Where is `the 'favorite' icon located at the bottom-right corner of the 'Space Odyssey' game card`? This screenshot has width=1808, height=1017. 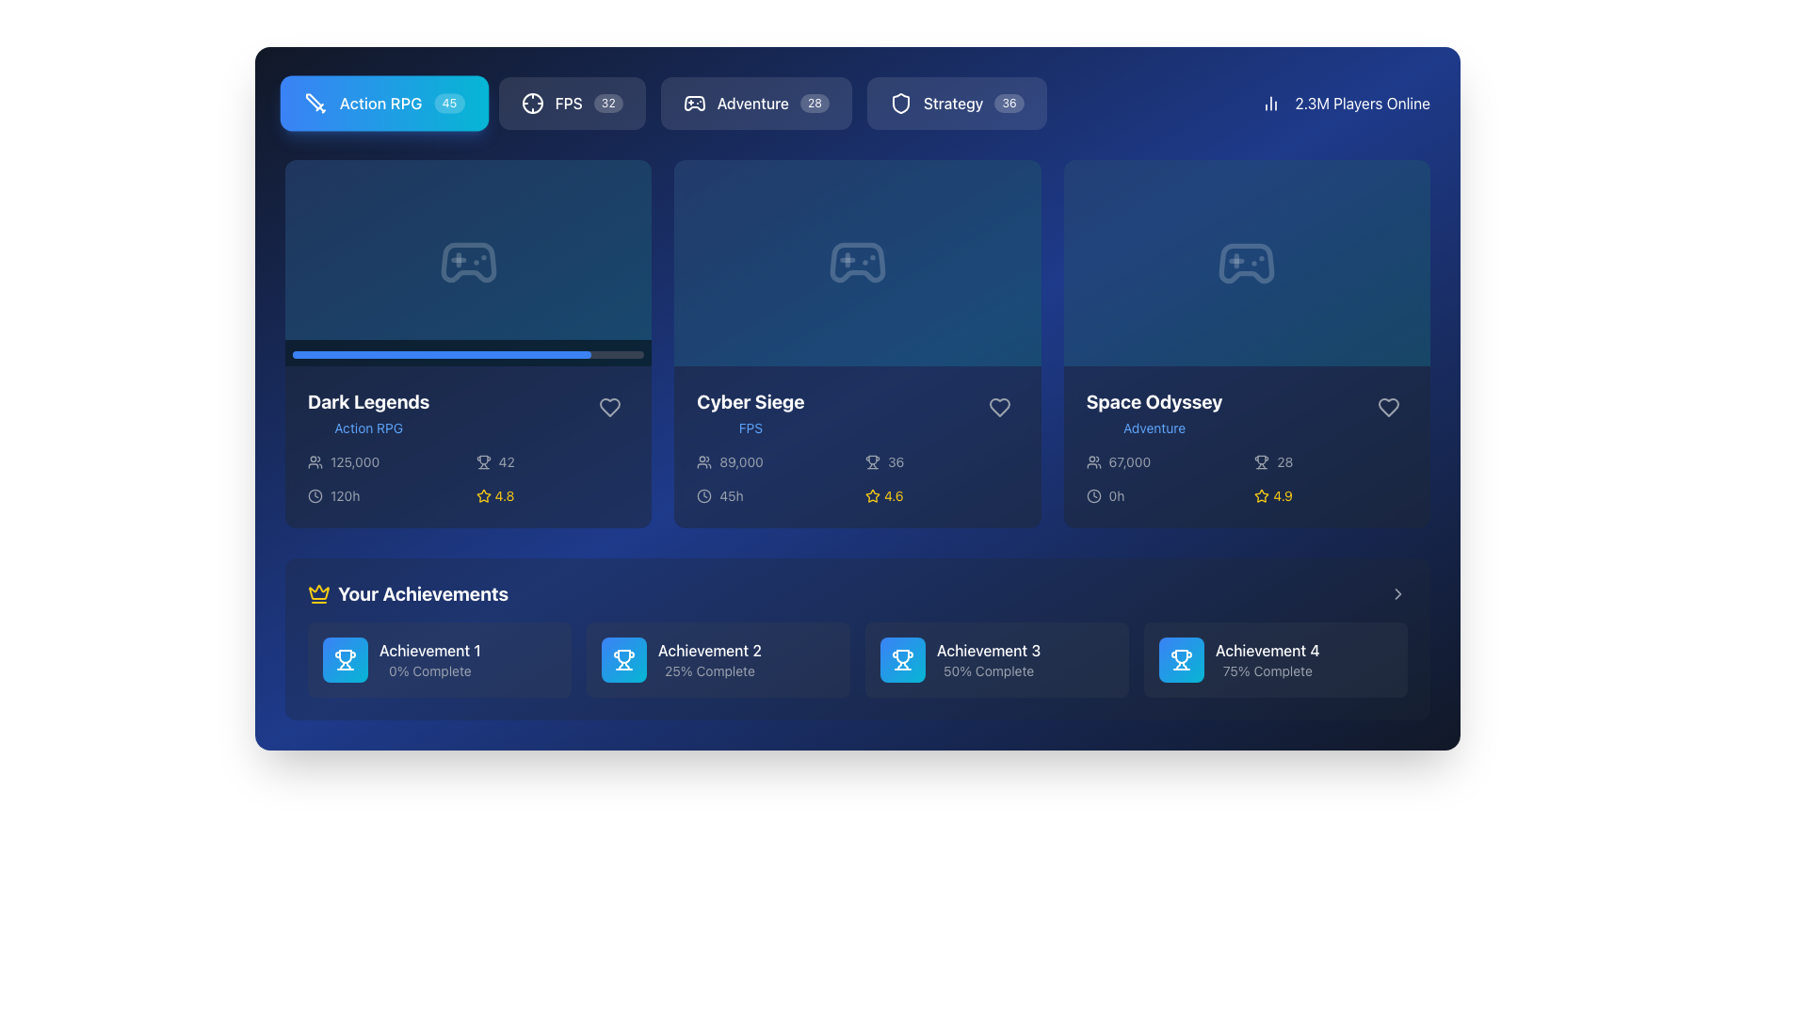
the 'favorite' icon located at the bottom-right corner of the 'Space Odyssey' game card is located at coordinates (1388, 406).